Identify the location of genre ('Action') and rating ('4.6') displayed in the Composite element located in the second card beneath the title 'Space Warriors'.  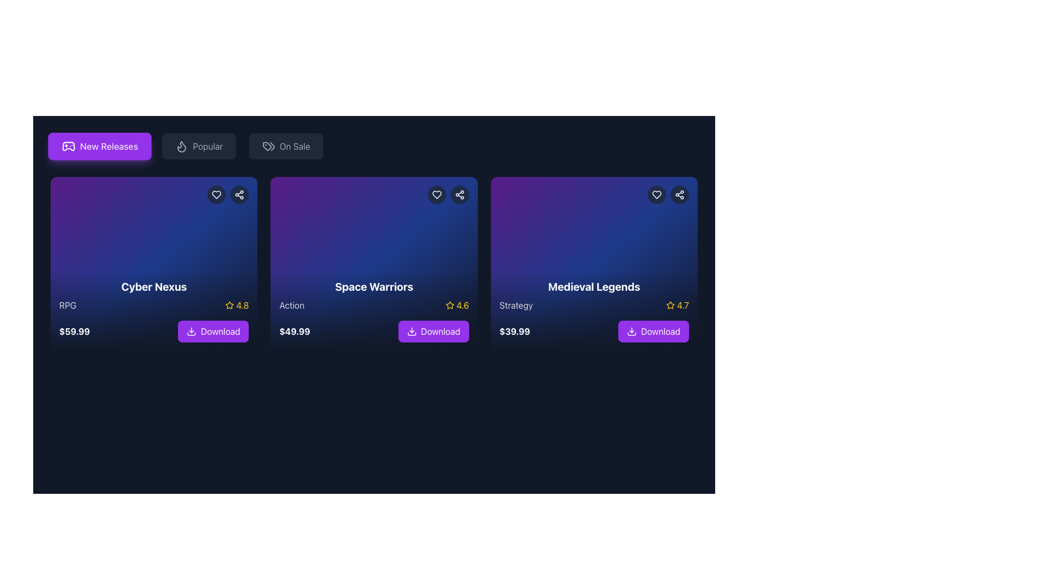
(374, 305).